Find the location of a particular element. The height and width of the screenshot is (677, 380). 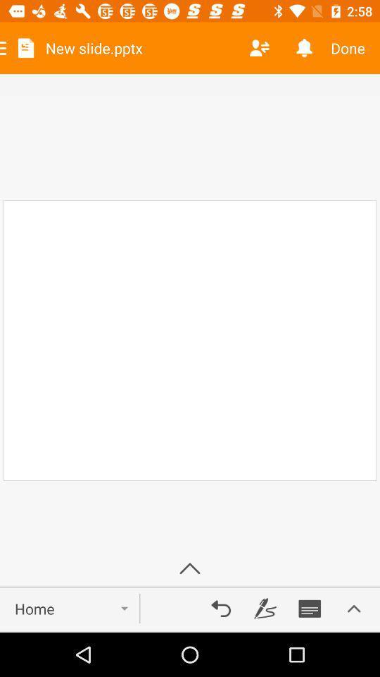

the done icon is located at coordinates (352, 48).